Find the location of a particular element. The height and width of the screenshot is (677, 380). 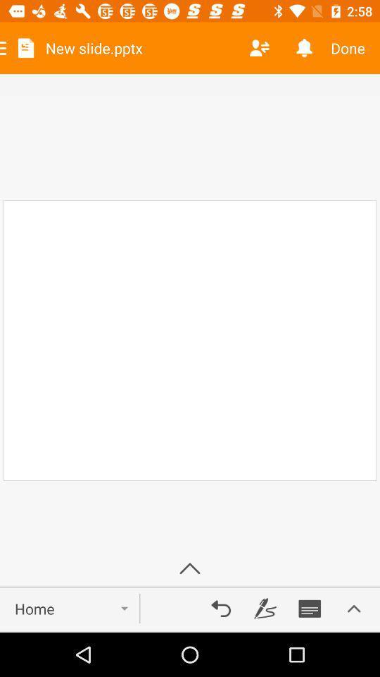

the done icon is located at coordinates (352, 48).